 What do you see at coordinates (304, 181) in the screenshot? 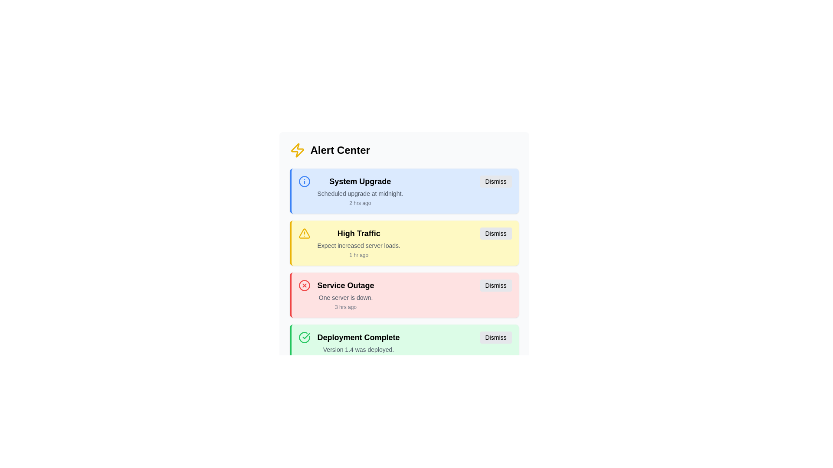
I see `the circular information icon with a blue outline located within the 'System Upgrade' notification card at the top of the notification list` at bounding box center [304, 181].